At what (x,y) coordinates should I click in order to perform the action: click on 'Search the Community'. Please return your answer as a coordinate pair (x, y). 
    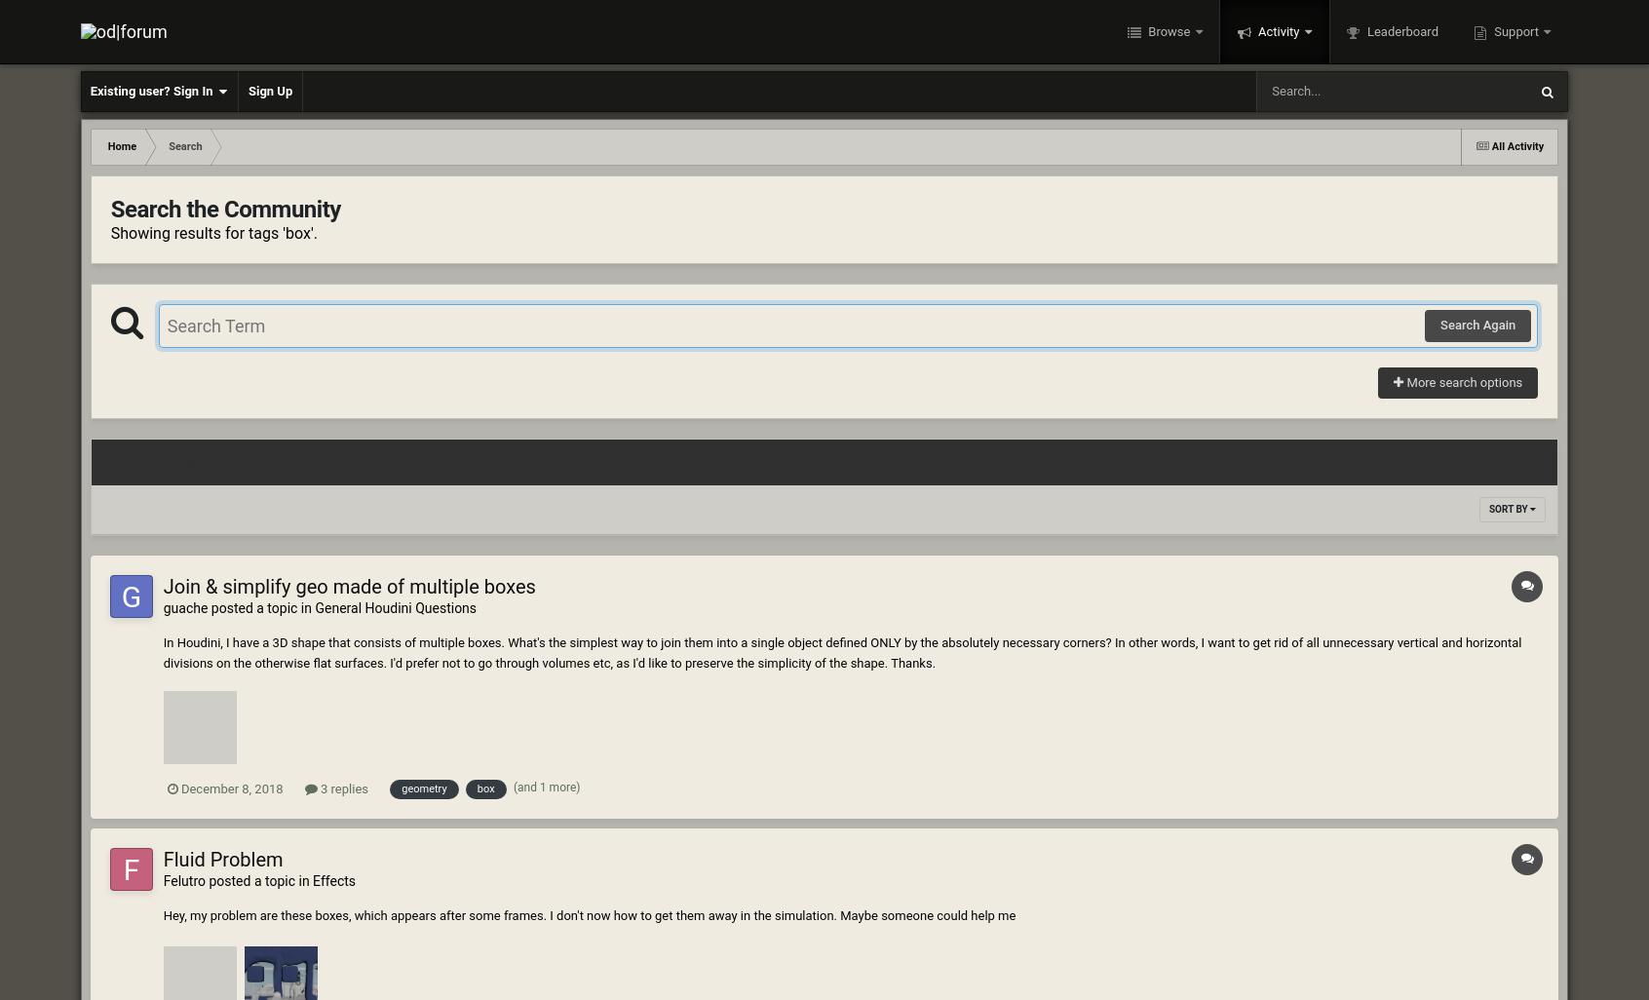
    Looking at the image, I should click on (224, 210).